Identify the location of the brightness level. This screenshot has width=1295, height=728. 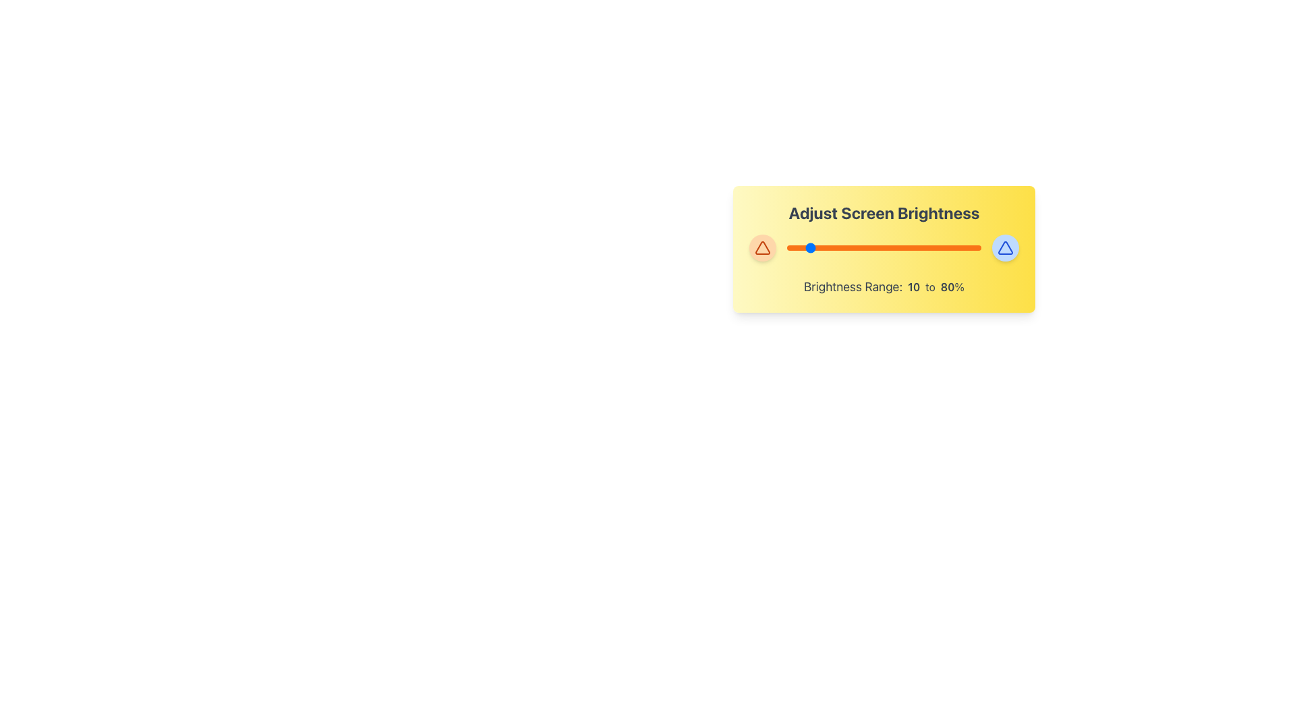
(903, 247).